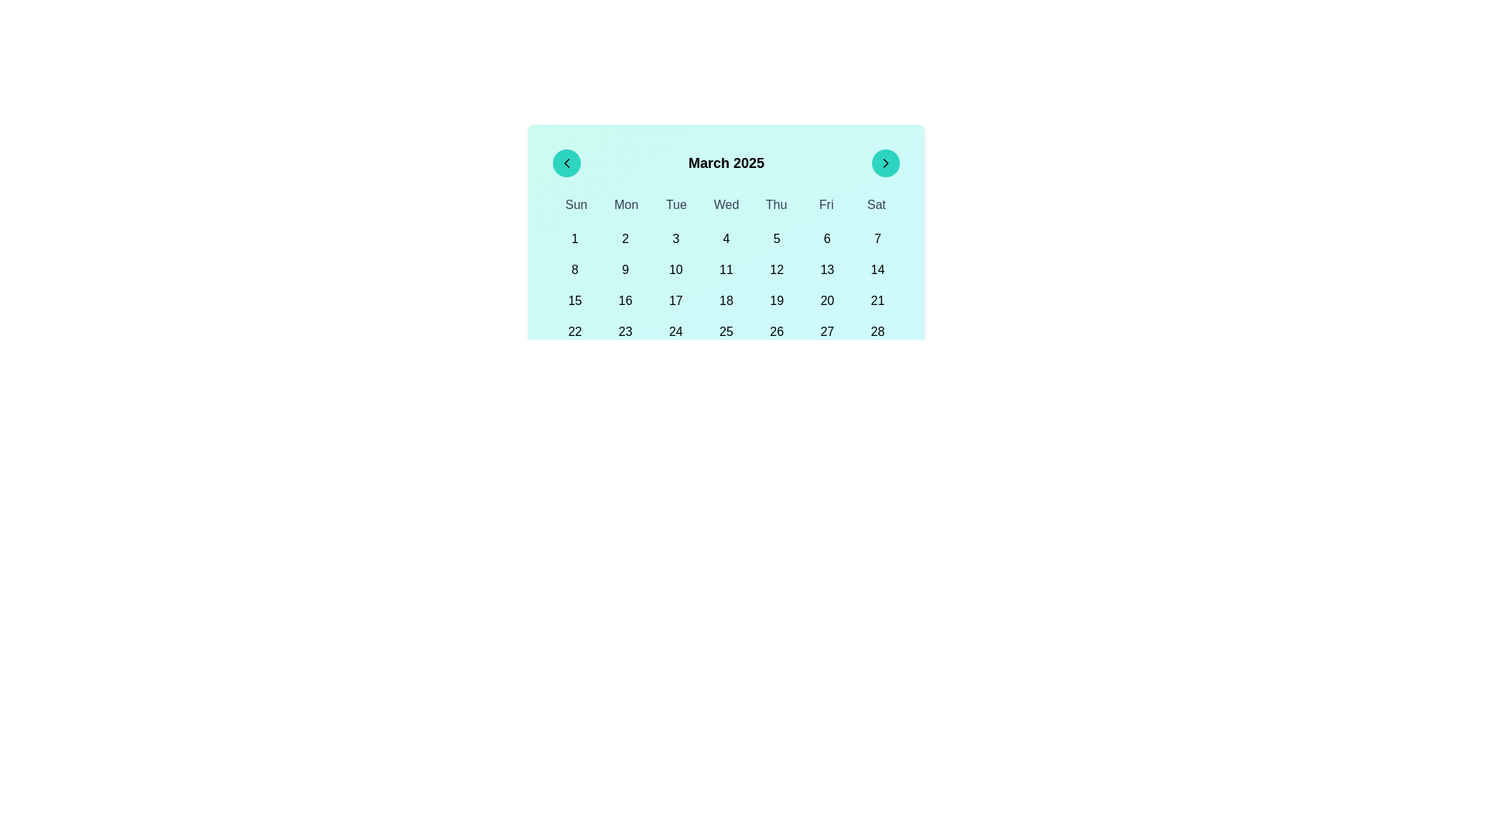 The width and height of the screenshot is (1487, 836). What do you see at coordinates (675, 238) in the screenshot?
I see `the button labeled '3', which is styled as a calendar date box` at bounding box center [675, 238].